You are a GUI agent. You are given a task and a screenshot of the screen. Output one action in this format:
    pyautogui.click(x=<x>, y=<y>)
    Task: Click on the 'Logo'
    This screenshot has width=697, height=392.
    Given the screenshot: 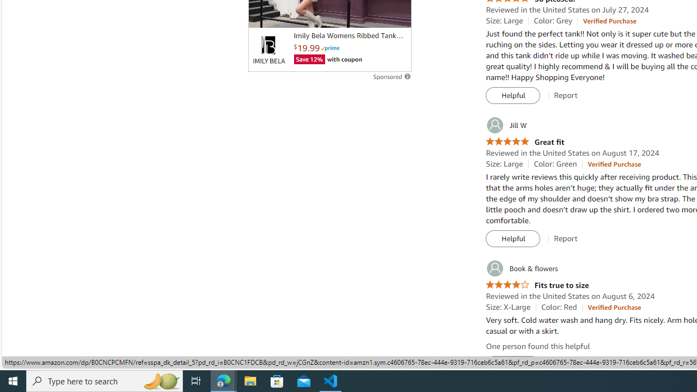 What is the action you would take?
    pyautogui.click(x=268, y=50)
    